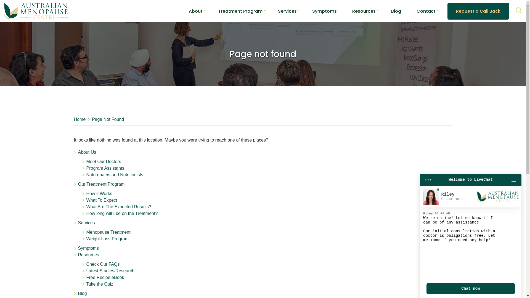 The image size is (530, 298). I want to click on 'Resources', so click(364, 11).